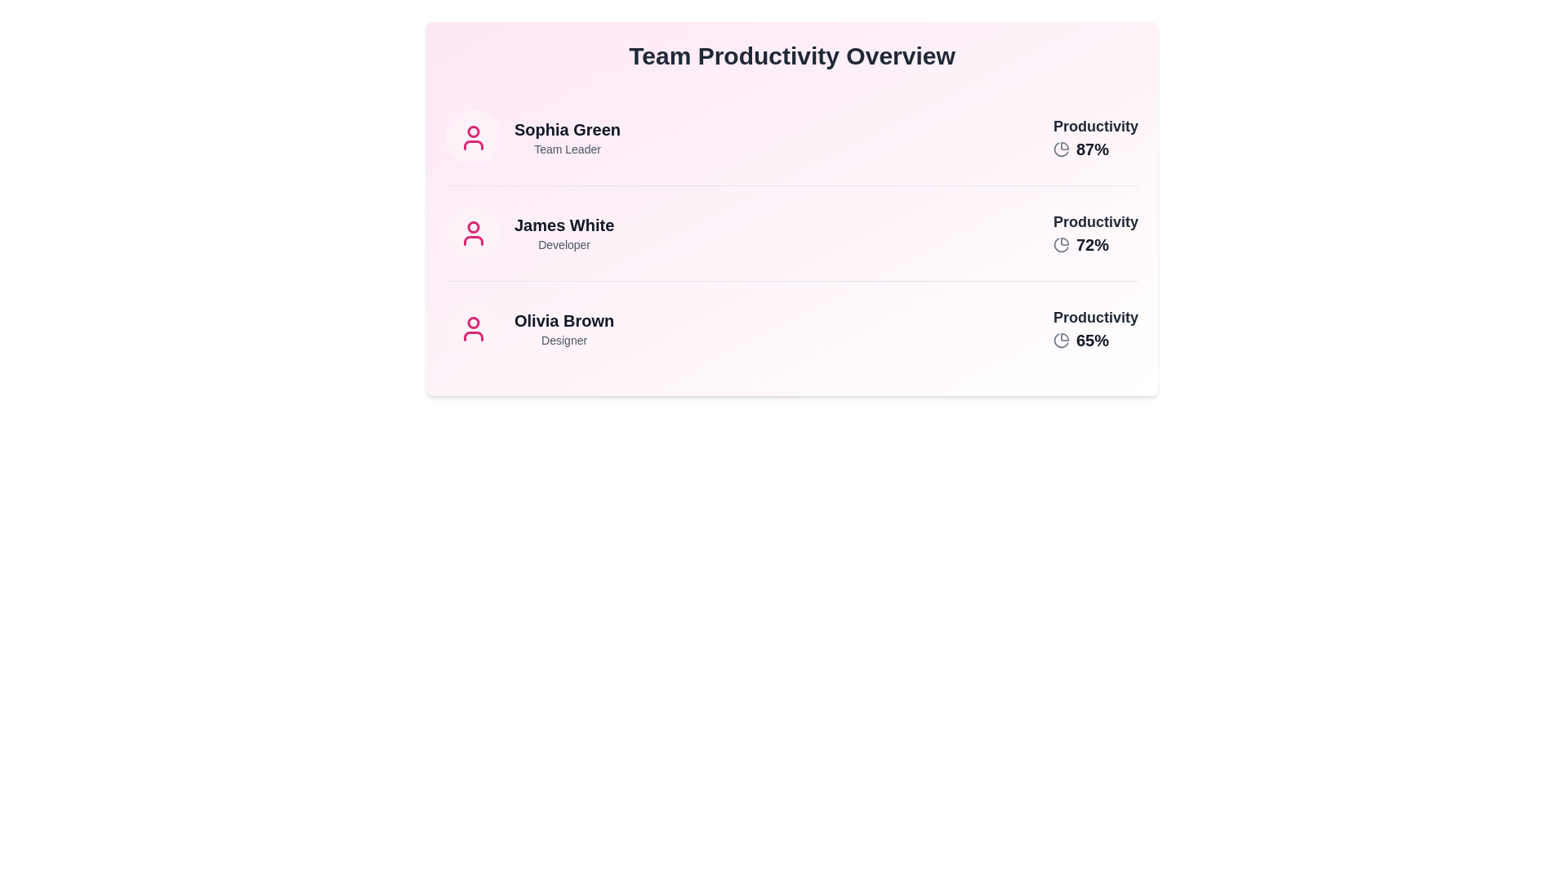 Image resolution: width=1568 pixels, height=882 pixels. What do you see at coordinates (568, 137) in the screenshot?
I see `text content of the text block displaying 'Sophia Green' and 'Team Leader', which is the first entry in the vertically stacked list of team members` at bounding box center [568, 137].